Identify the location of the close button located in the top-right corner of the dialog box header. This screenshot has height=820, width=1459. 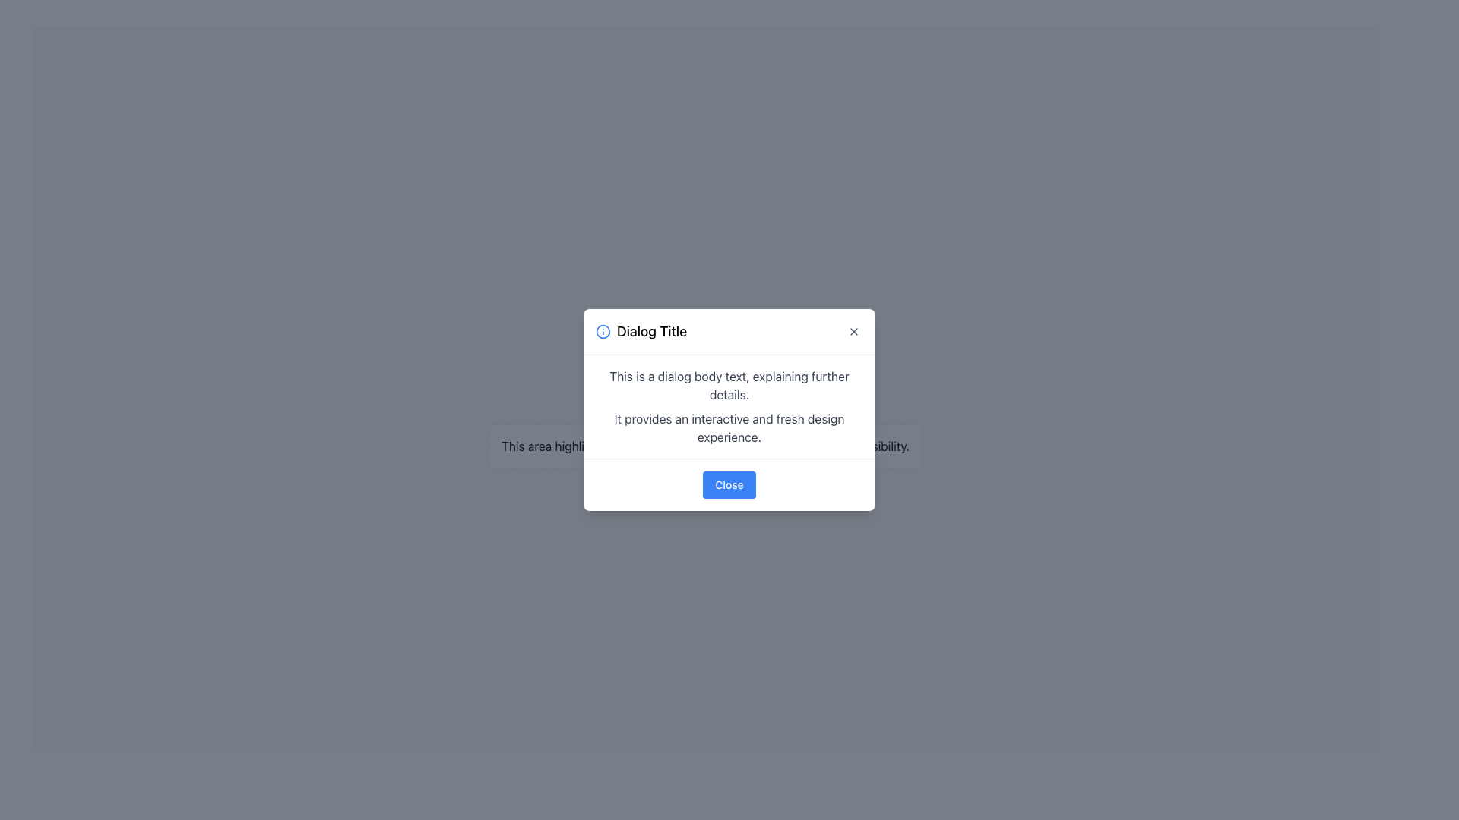
(853, 330).